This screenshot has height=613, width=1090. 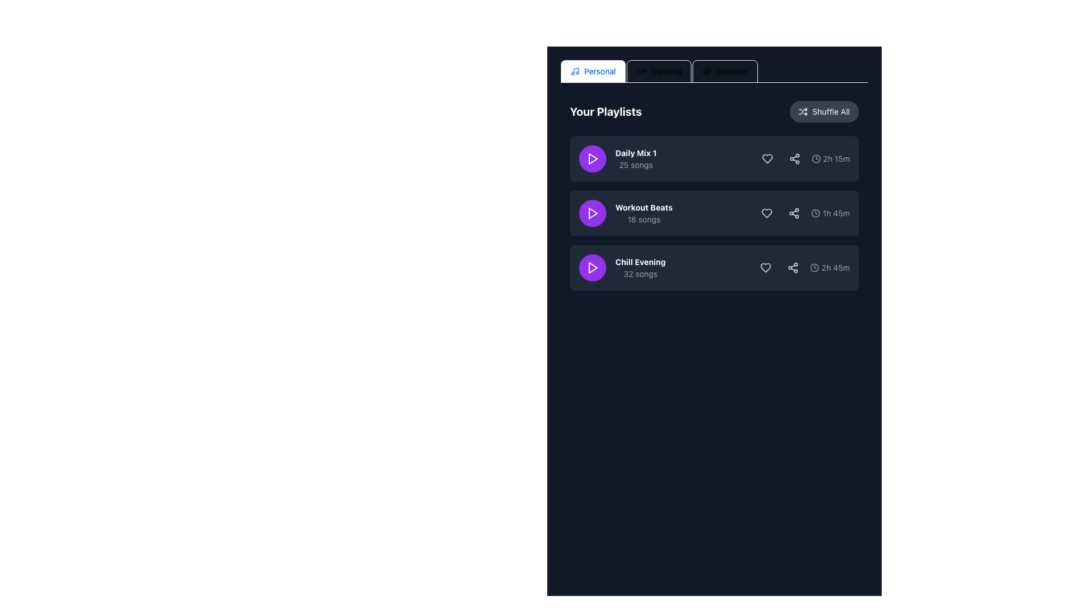 I want to click on the 'like' button next to the 'Workout Beats' playlist to indicate preference or save the playlist, so click(x=767, y=213).